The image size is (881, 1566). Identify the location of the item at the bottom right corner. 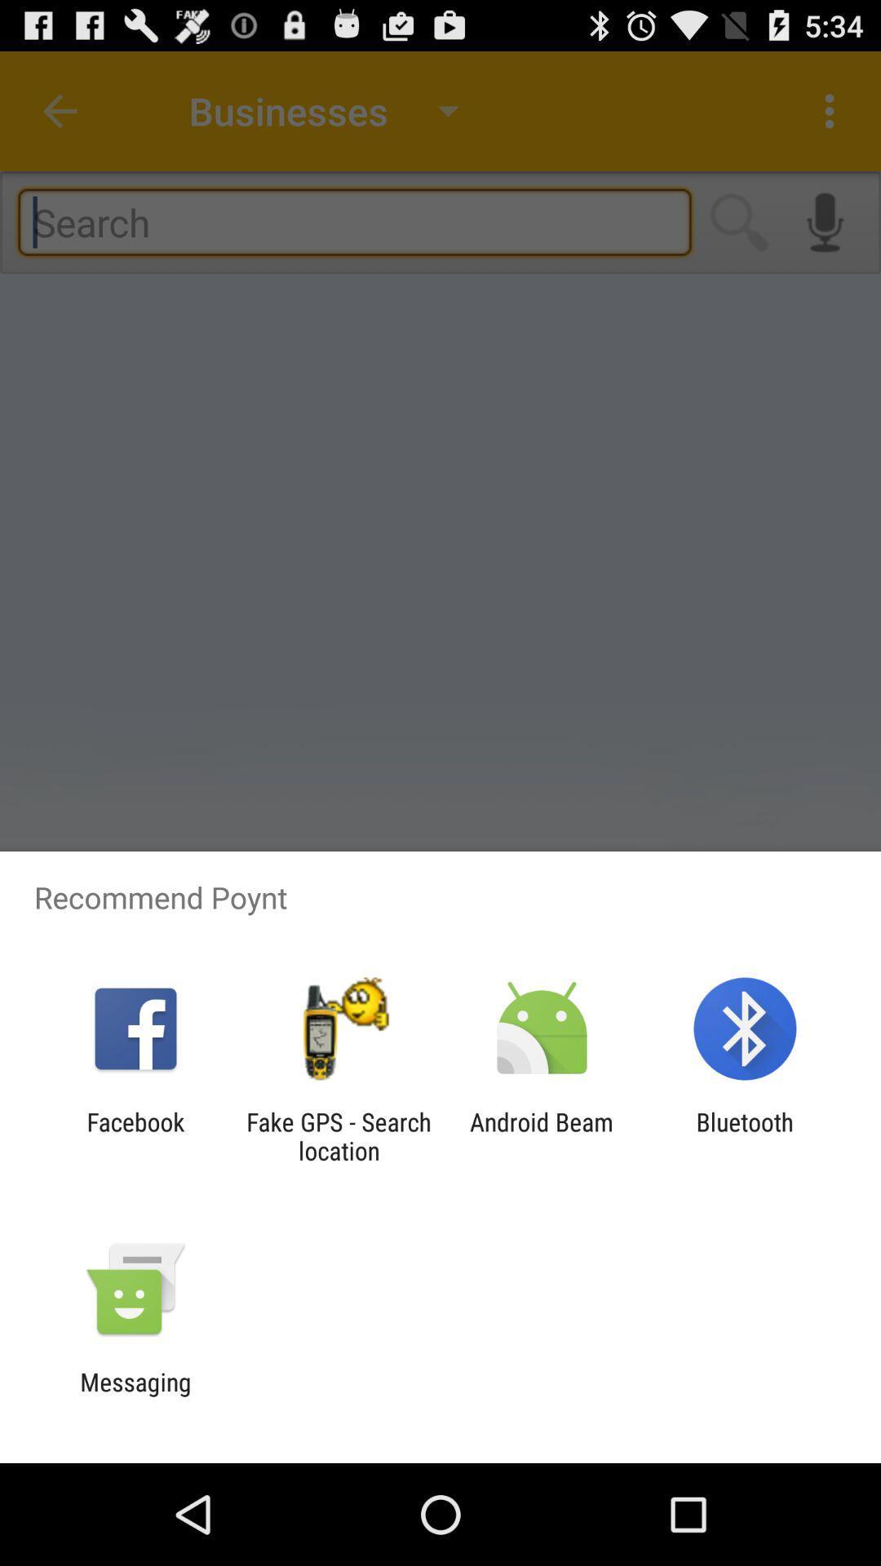
(745, 1135).